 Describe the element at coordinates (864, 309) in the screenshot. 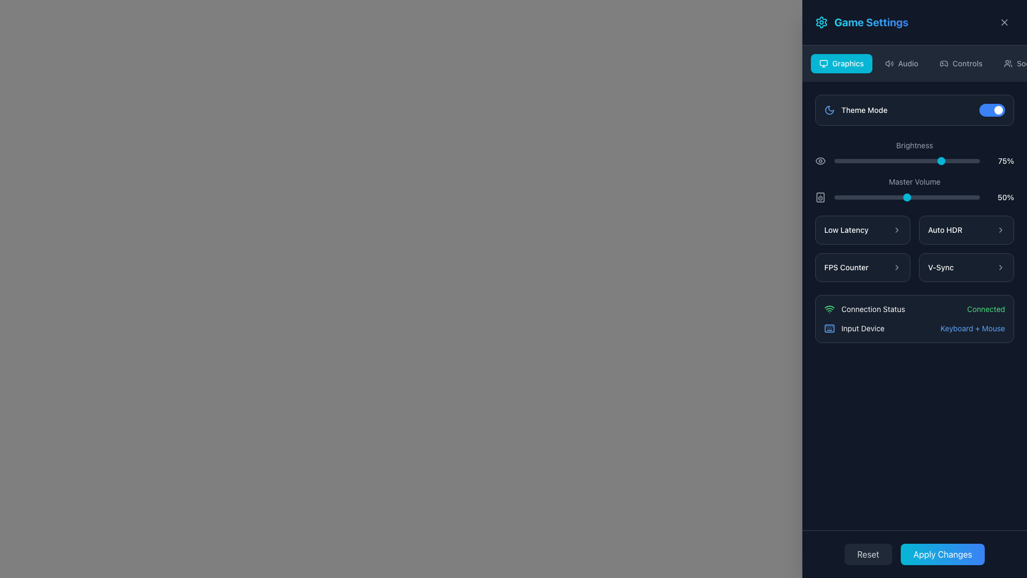

I see `the 'Connection Status' label which includes a green Wi-Fi icon, positioned to the left of the 'Connected' text` at that location.